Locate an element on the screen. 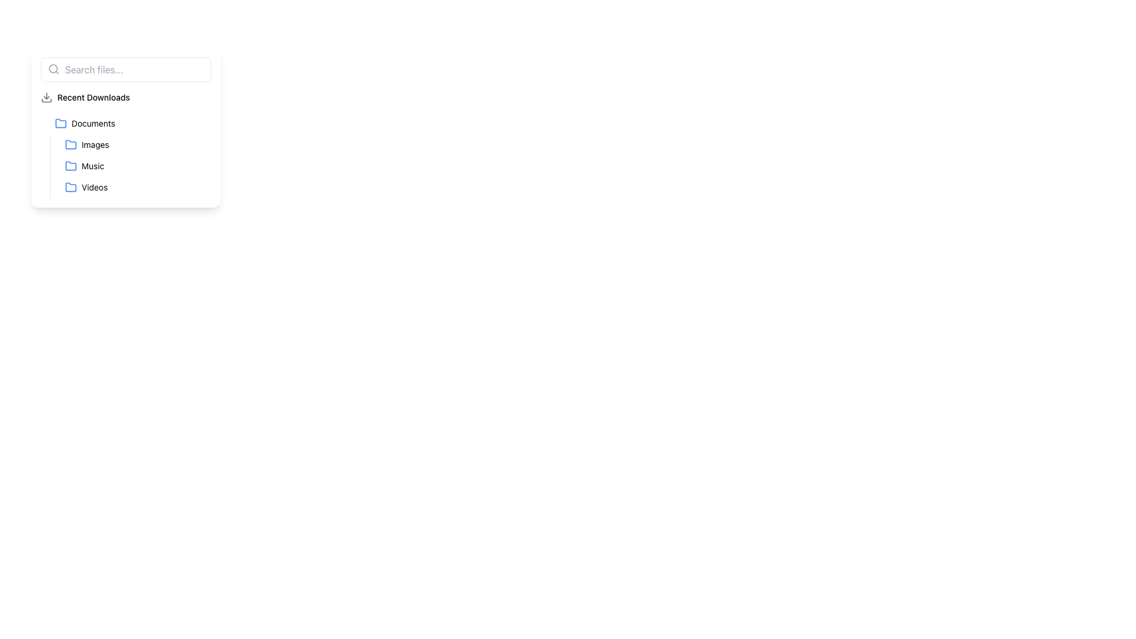 The width and height of the screenshot is (1136, 639). the visual style of the 'Recent Downloads' icon, which is the first element in the list, located to the left of the text 'Recent Downloads' is located at coordinates (46, 97).